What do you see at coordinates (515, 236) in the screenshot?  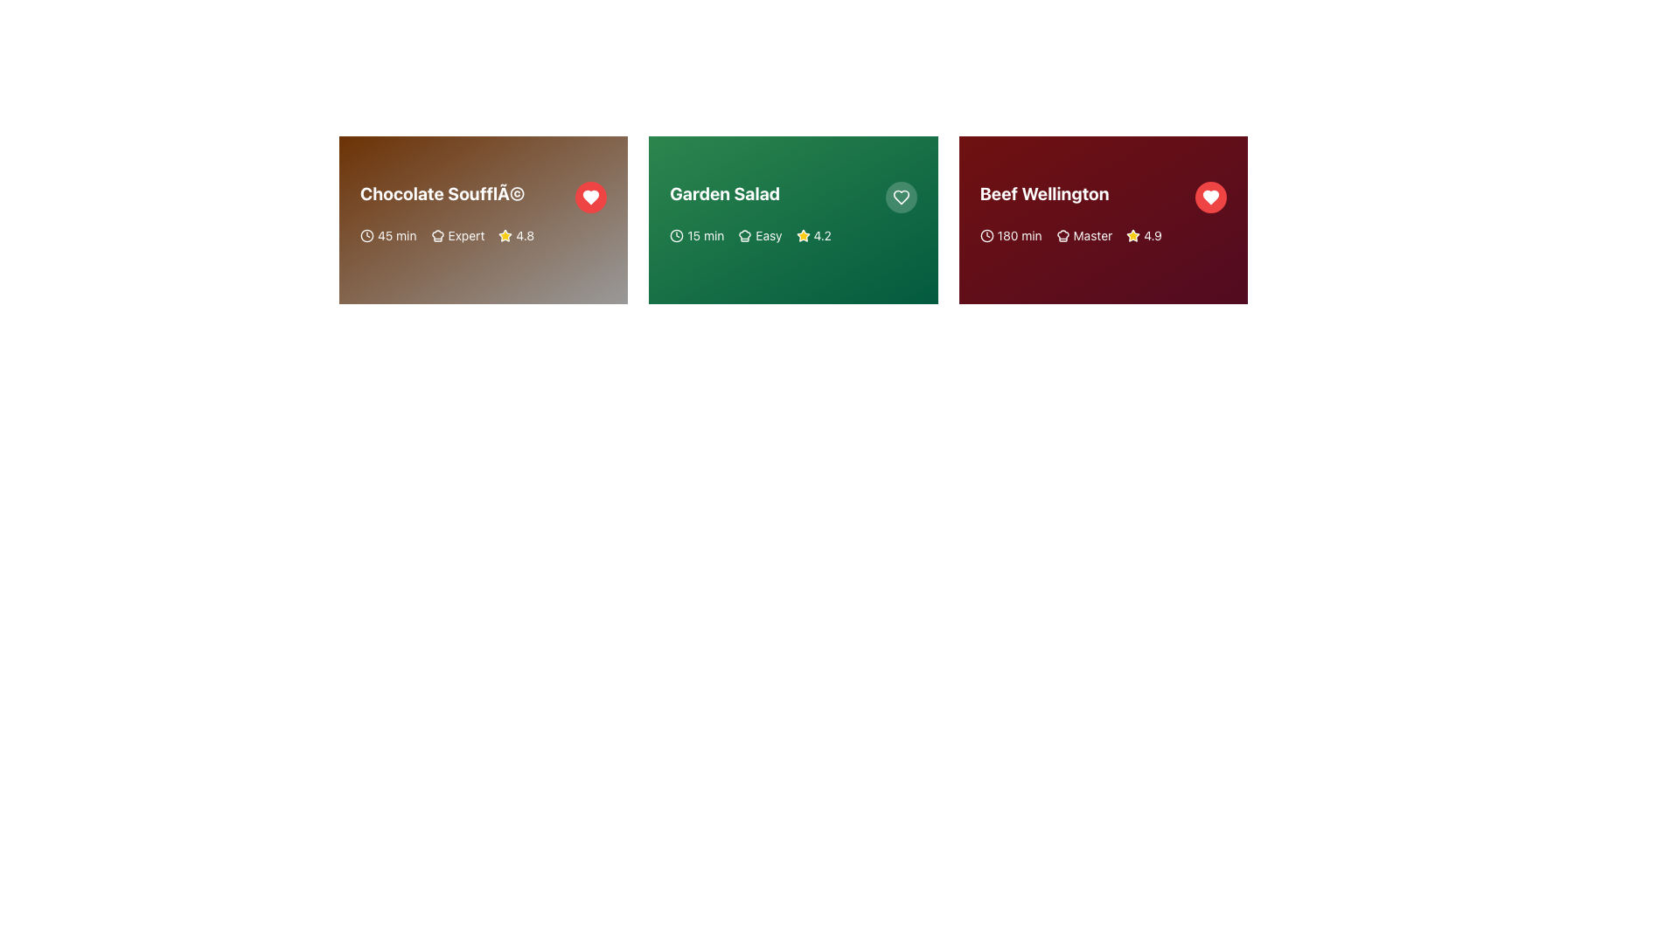 I see `the rating display for 'Chocolate Soufflé', which includes a yellow star icon and the text '4.8'` at bounding box center [515, 236].